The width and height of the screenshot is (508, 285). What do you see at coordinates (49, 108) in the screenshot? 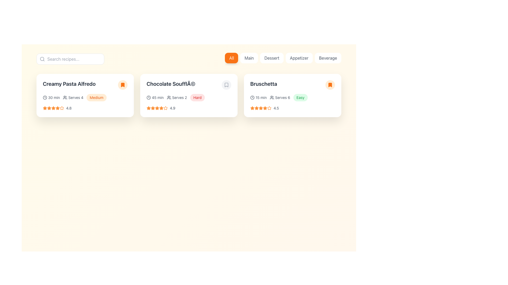
I see `the active orange star icon, which is the third star in the rating group beneath the 'Creamy Pasta Alfredo' card` at bounding box center [49, 108].